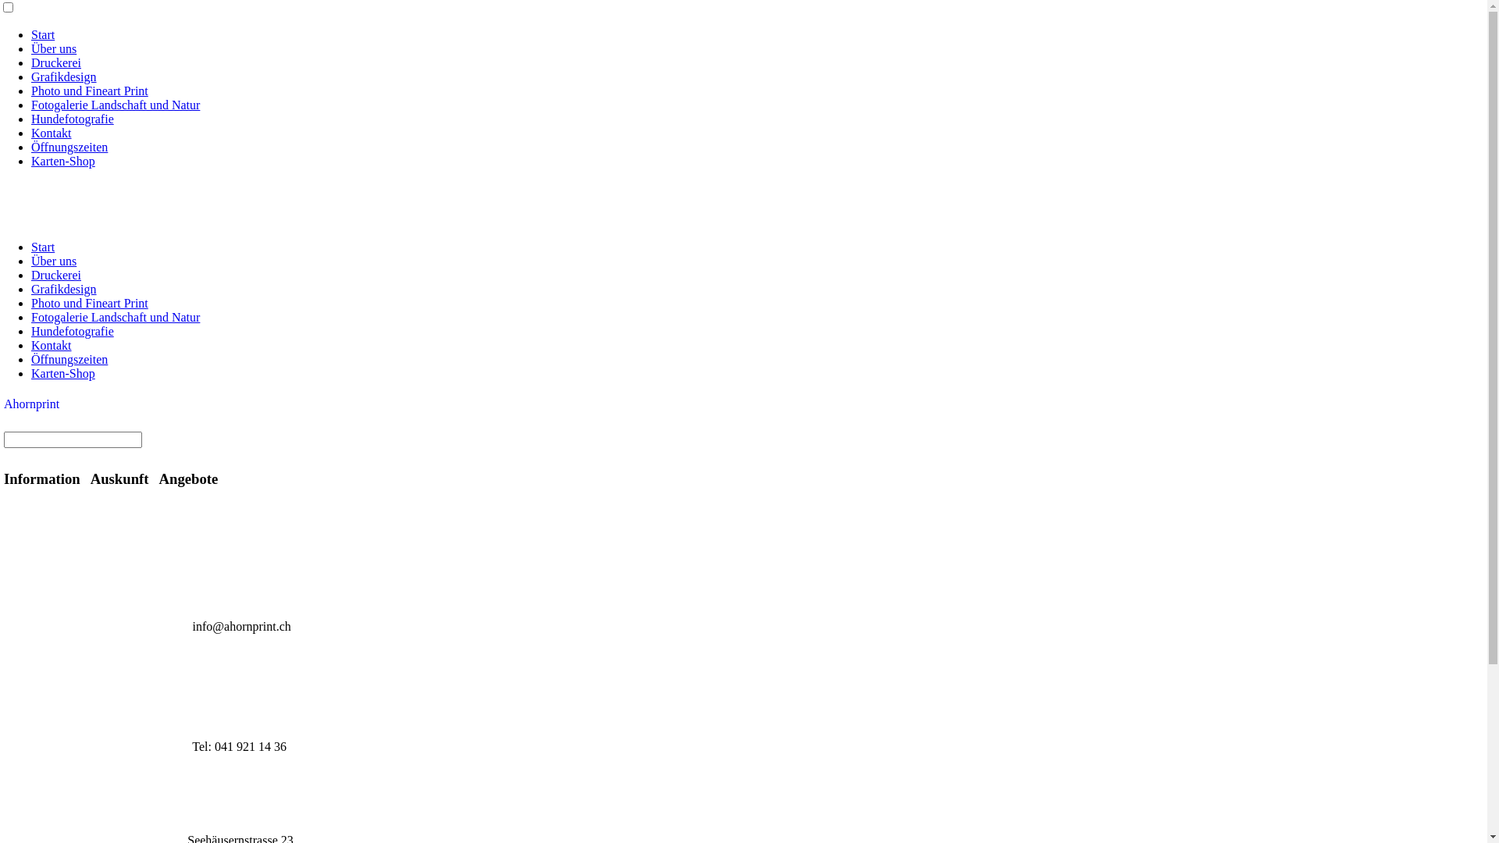 This screenshot has height=843, width=1499. Describe the element at coordinates (56, 274) in the screenshot. I see `'Druckerei'` at that location.